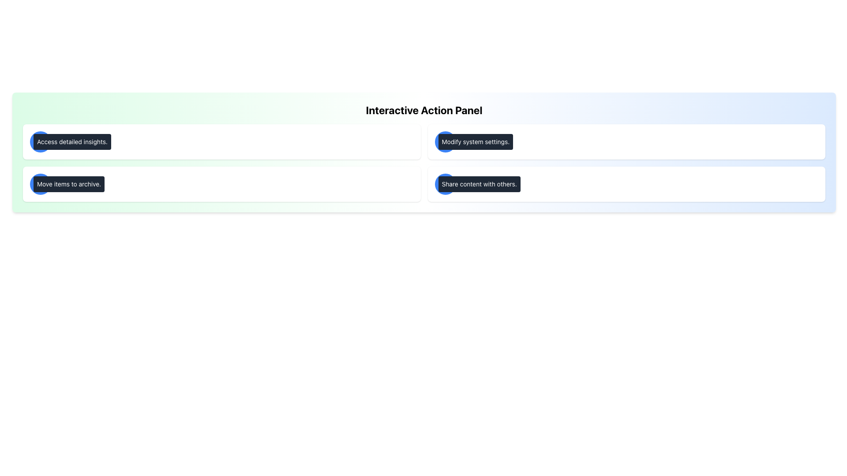  What do you see at coordinates (473, 183) in the screenshot?
I see `the 'Share' text label that is bold and larger, located in the bottom-right section of a grid layout, part of an interactive card with additional text and an icon to the left` at bounding box center [473, 183].